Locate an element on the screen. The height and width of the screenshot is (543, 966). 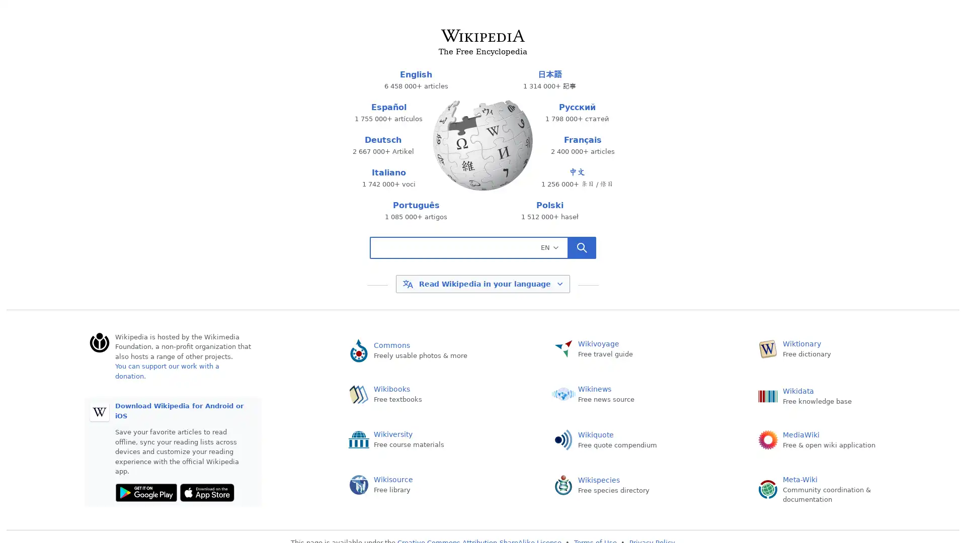
Search is located at coordinates (582, 248).